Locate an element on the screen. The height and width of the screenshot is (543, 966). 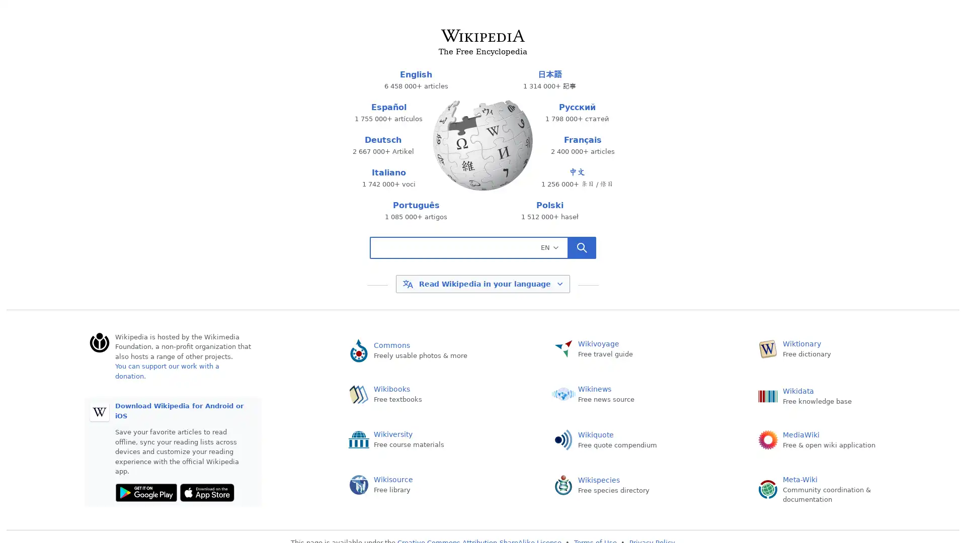
Search is located at coordinates (582, 248).